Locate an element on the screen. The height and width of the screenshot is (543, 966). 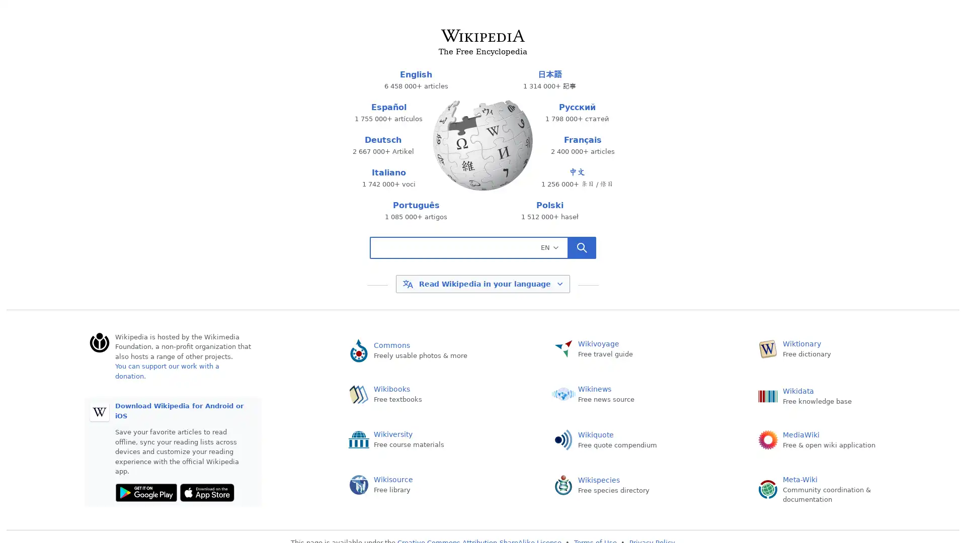
Search is located at coordinates (582, 248).